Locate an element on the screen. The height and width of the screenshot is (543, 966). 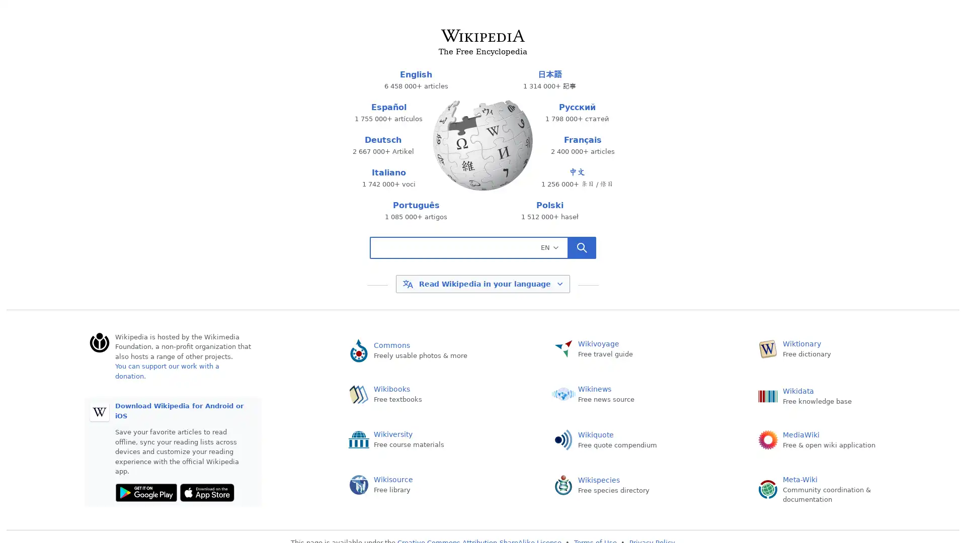
Search is located at coordinates (582, 248).